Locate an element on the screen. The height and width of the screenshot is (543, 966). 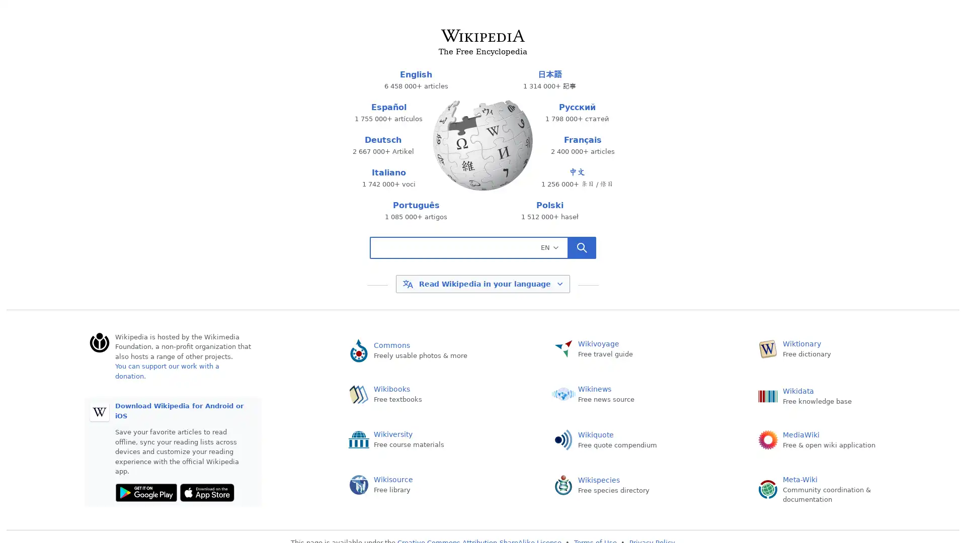
Search is located at coordinates (582, 248).